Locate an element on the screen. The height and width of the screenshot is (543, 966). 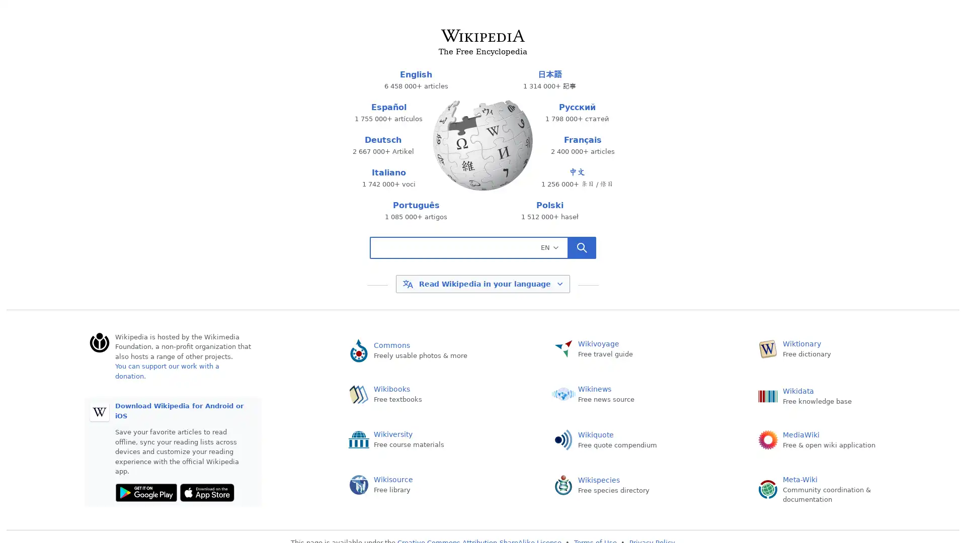
Search is located at coordinates (582, 248).